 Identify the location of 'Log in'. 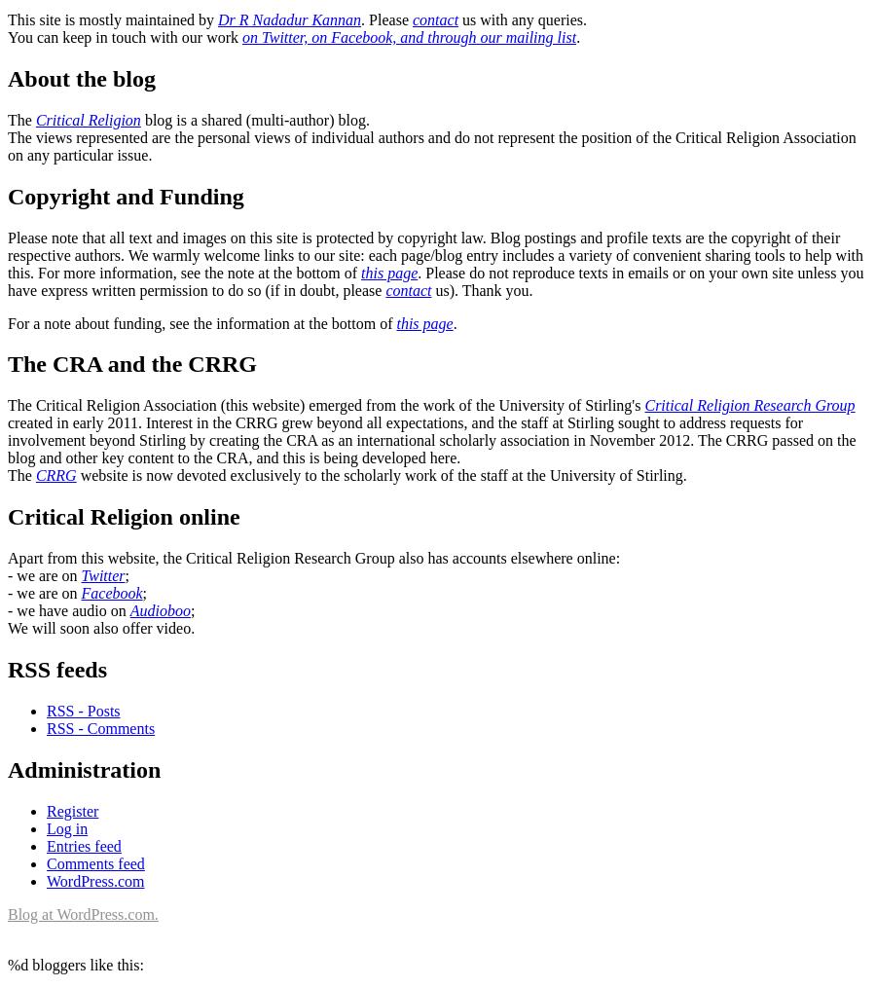
(66, 826).